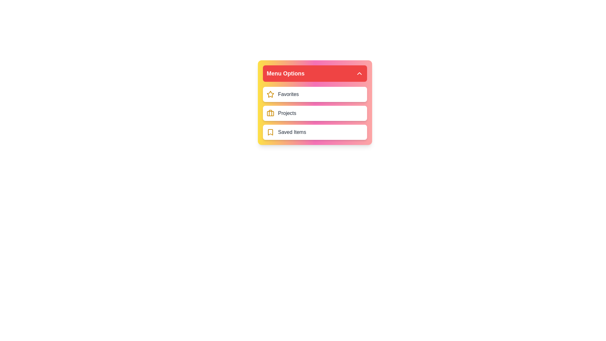 Image resolution: width=606 pixels, height=341 pixels. Describe the element at coordinates (315, 113) in the screenshot. I see `the 'Projects' menu item` at that location.